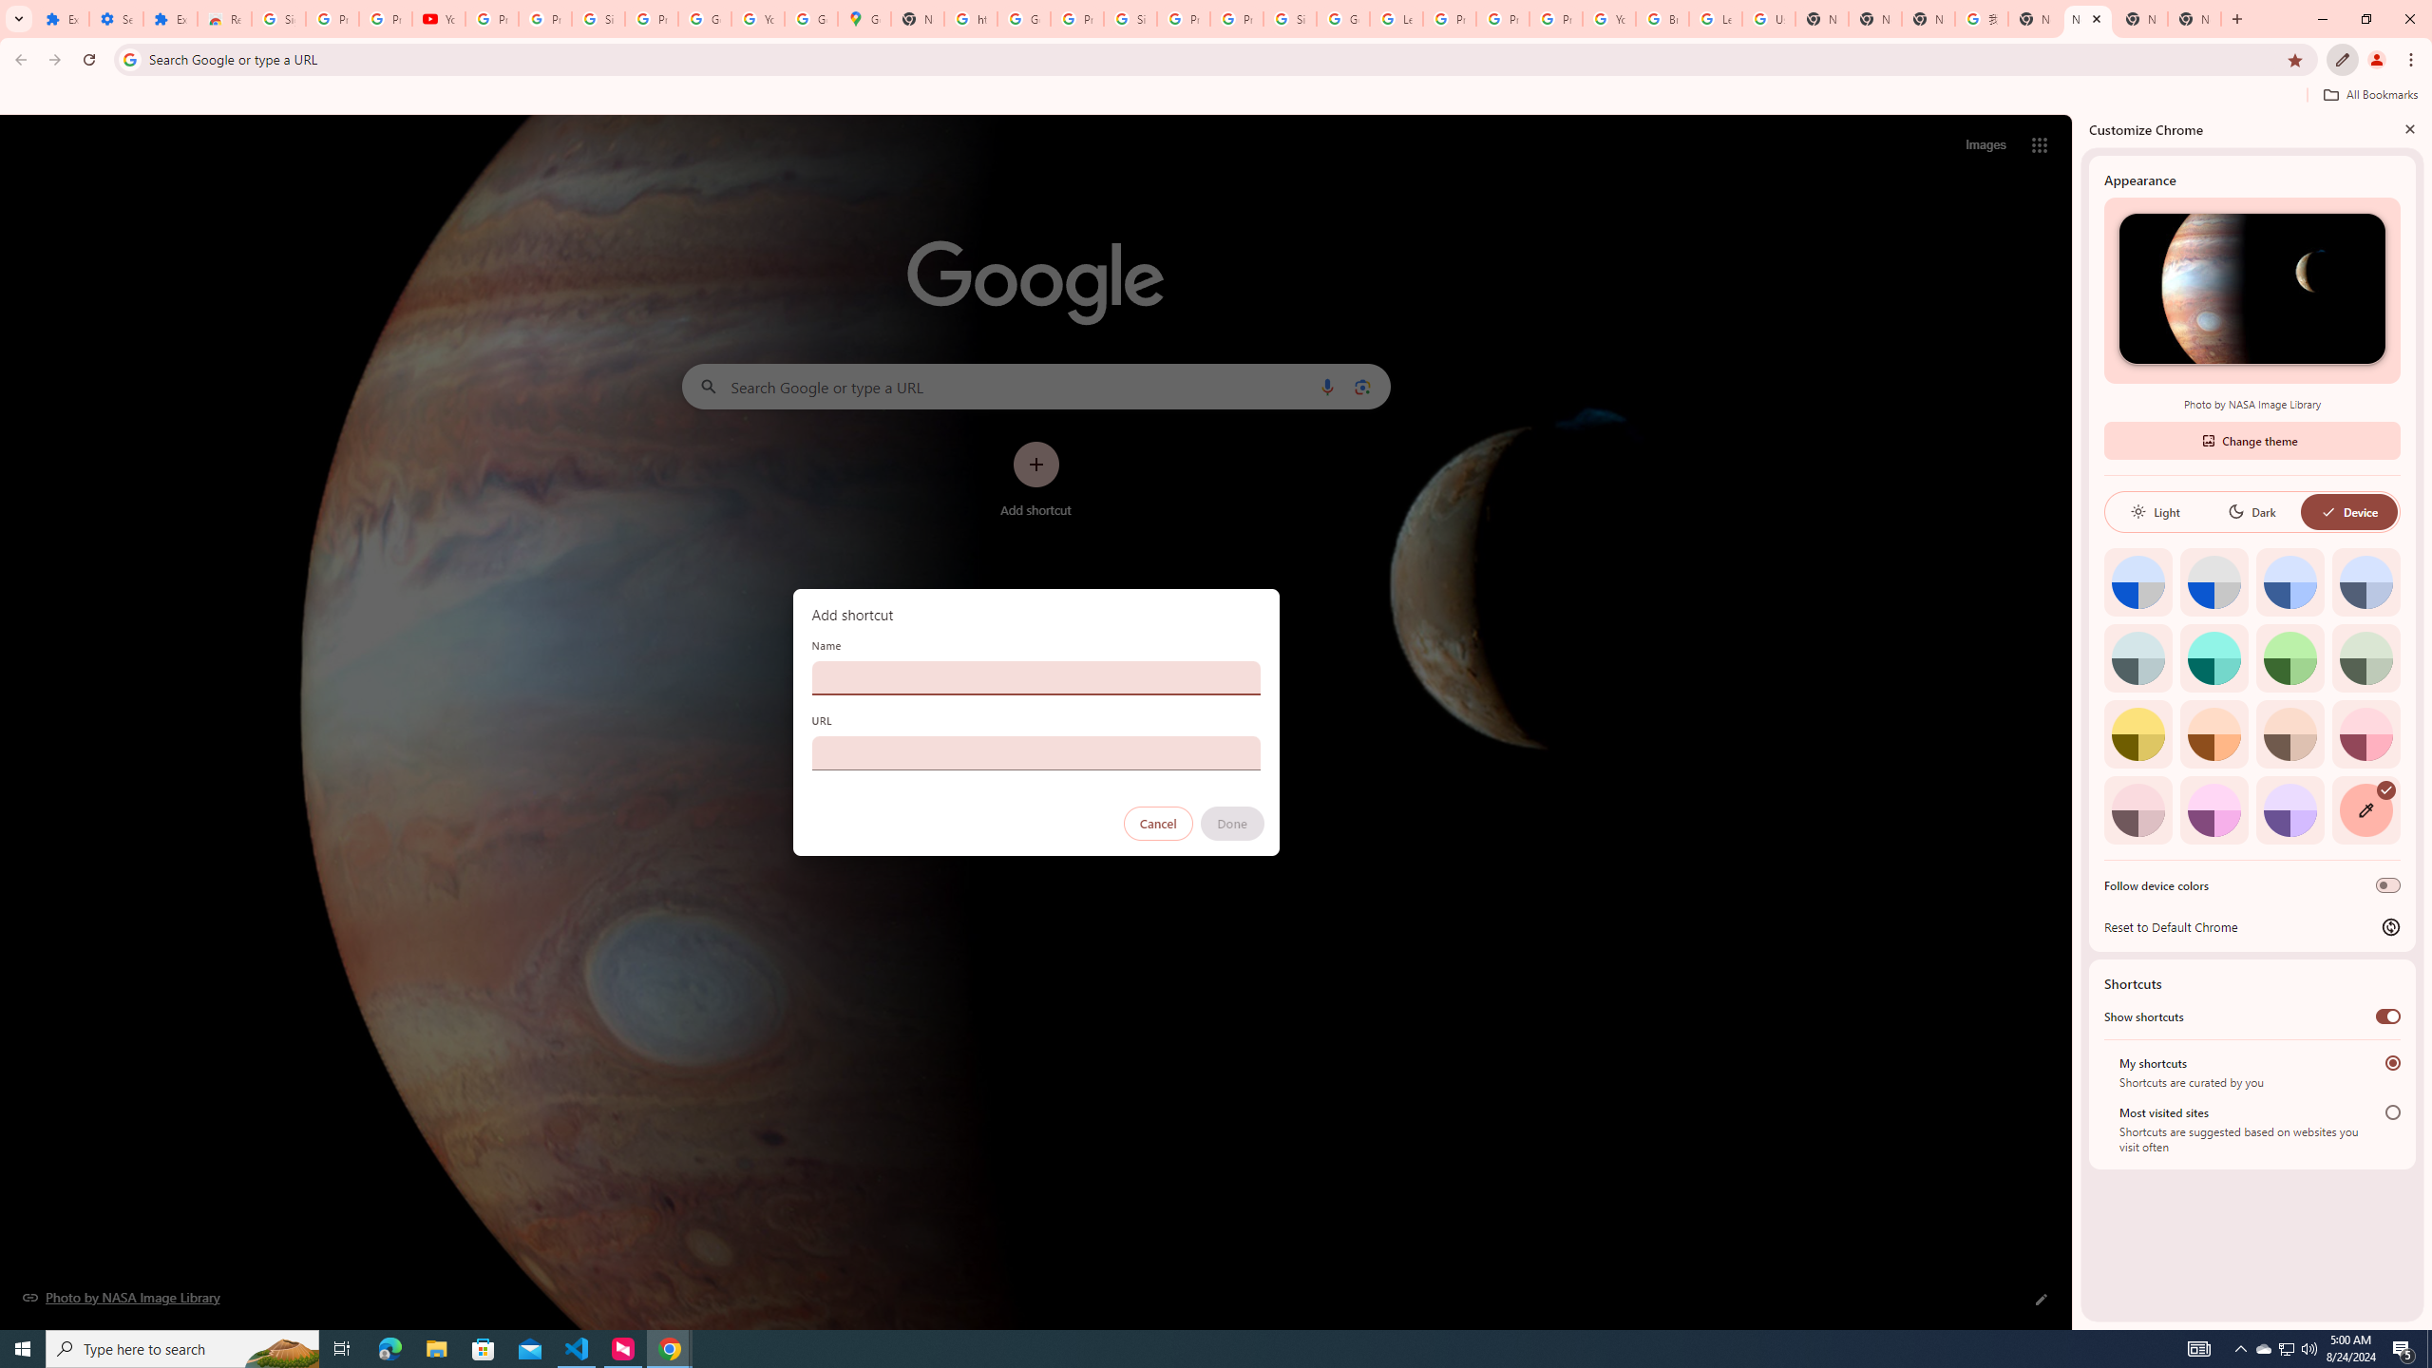 This screenshot has height=1368, width=2432. I want to click on 'Photo by NASA Image Library', so click(2251, 288).